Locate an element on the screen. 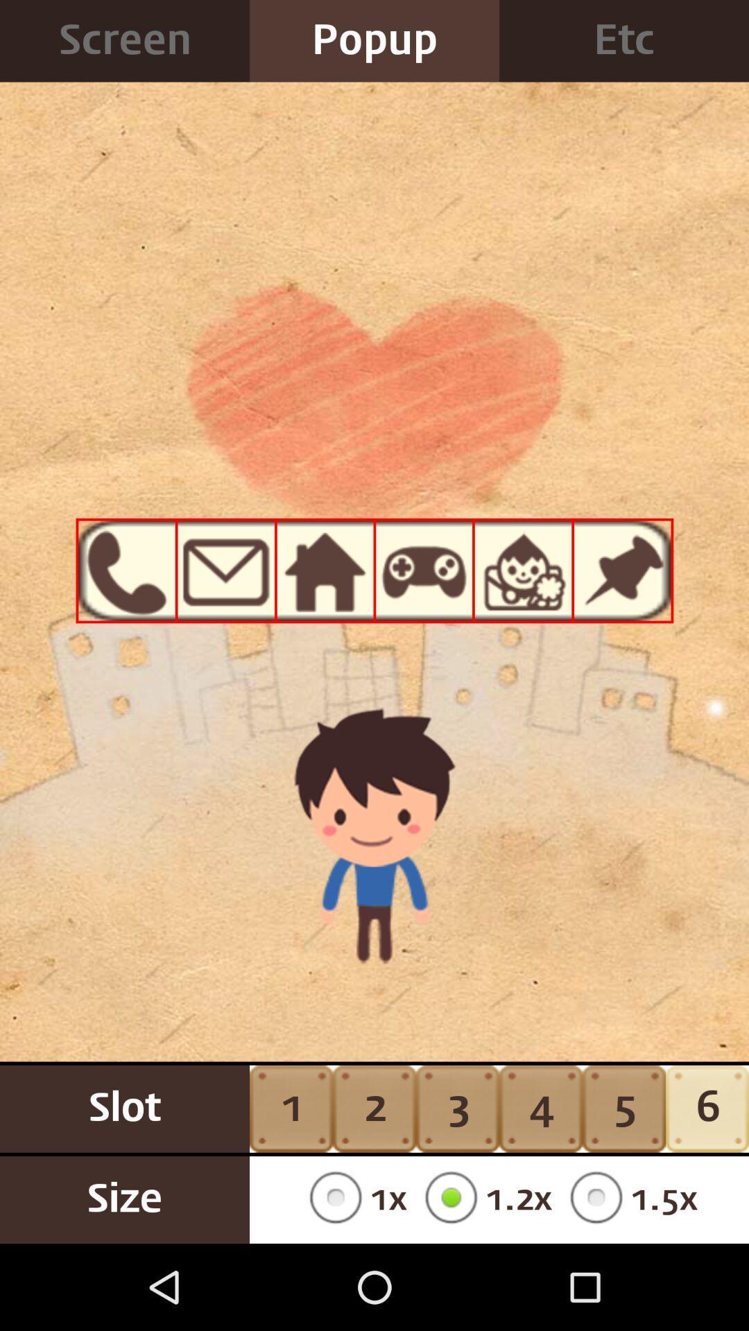 The height and width of the screenshot is (1331, 749). etc icon is located at coordinates (623, 41).